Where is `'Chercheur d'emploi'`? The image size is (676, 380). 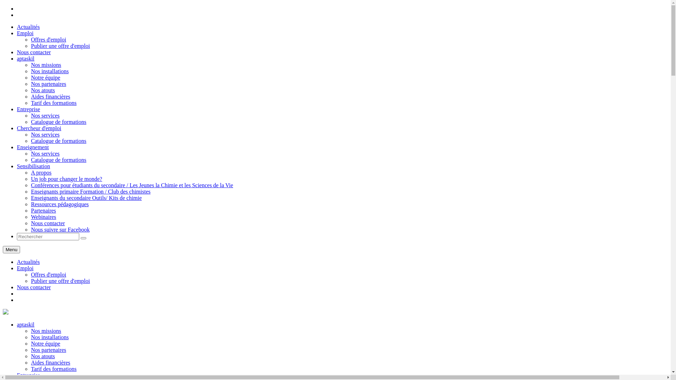 'Chercheur d'emploi' is located at coordinates (38, 128).